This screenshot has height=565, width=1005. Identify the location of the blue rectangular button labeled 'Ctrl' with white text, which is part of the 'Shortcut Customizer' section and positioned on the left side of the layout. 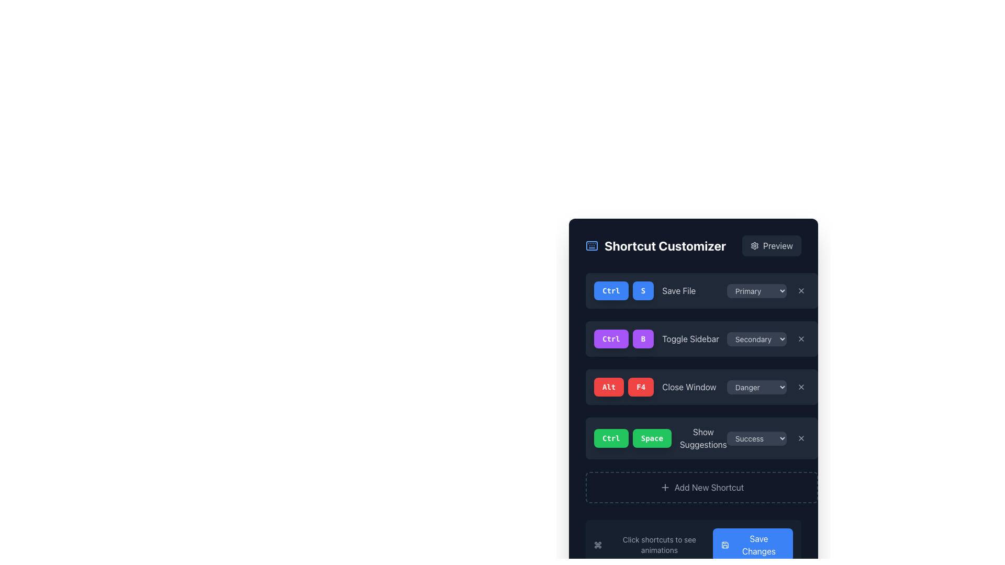
(611, 290).